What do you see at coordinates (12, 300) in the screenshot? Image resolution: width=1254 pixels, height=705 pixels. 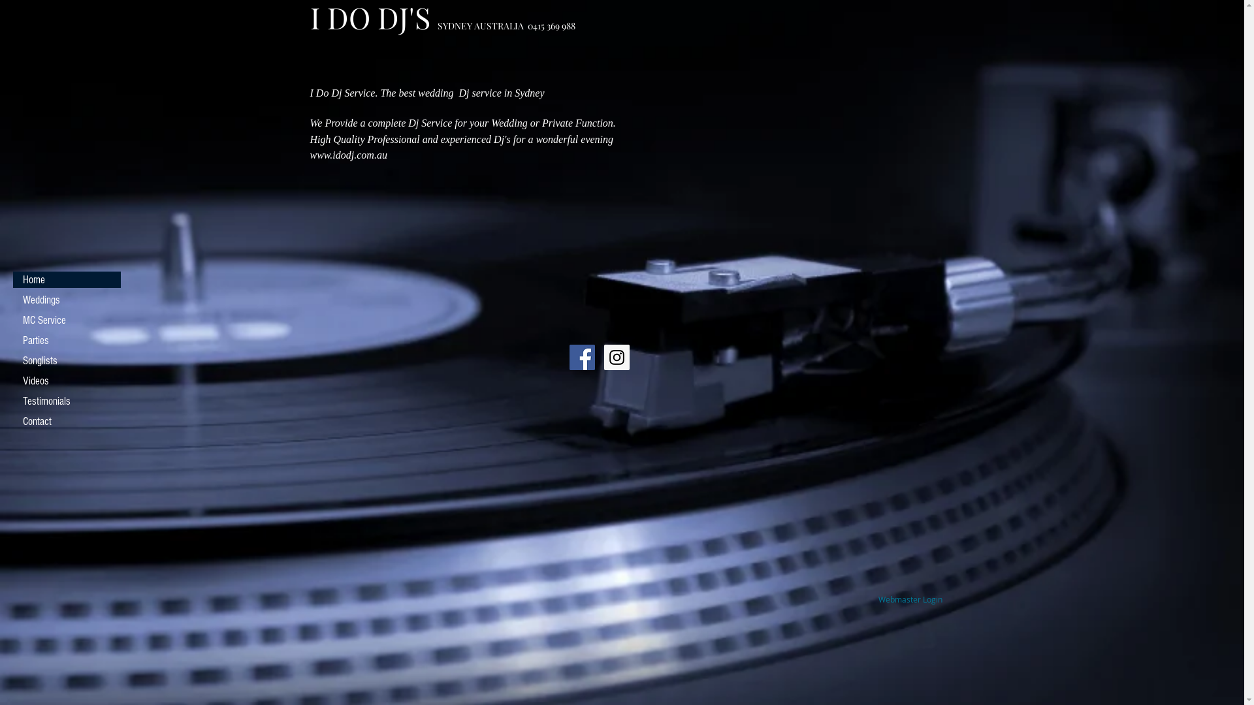 I see `'Weddings'` at bounding box center [12, 300].